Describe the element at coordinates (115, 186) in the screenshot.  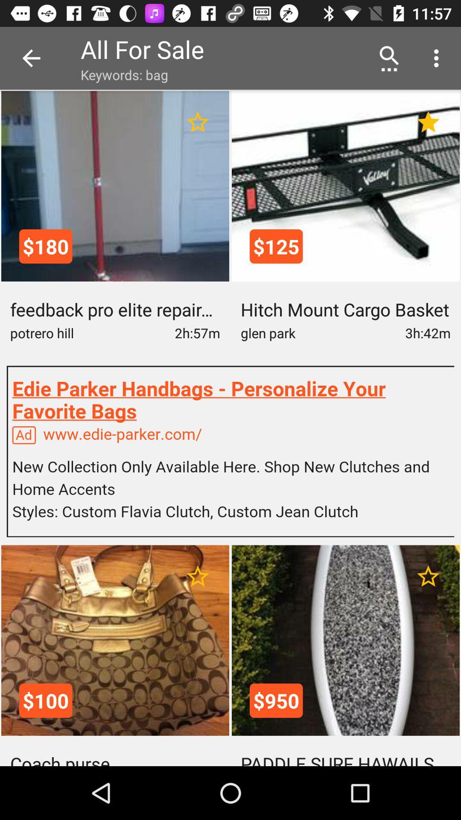
I see `the first image` at that location.